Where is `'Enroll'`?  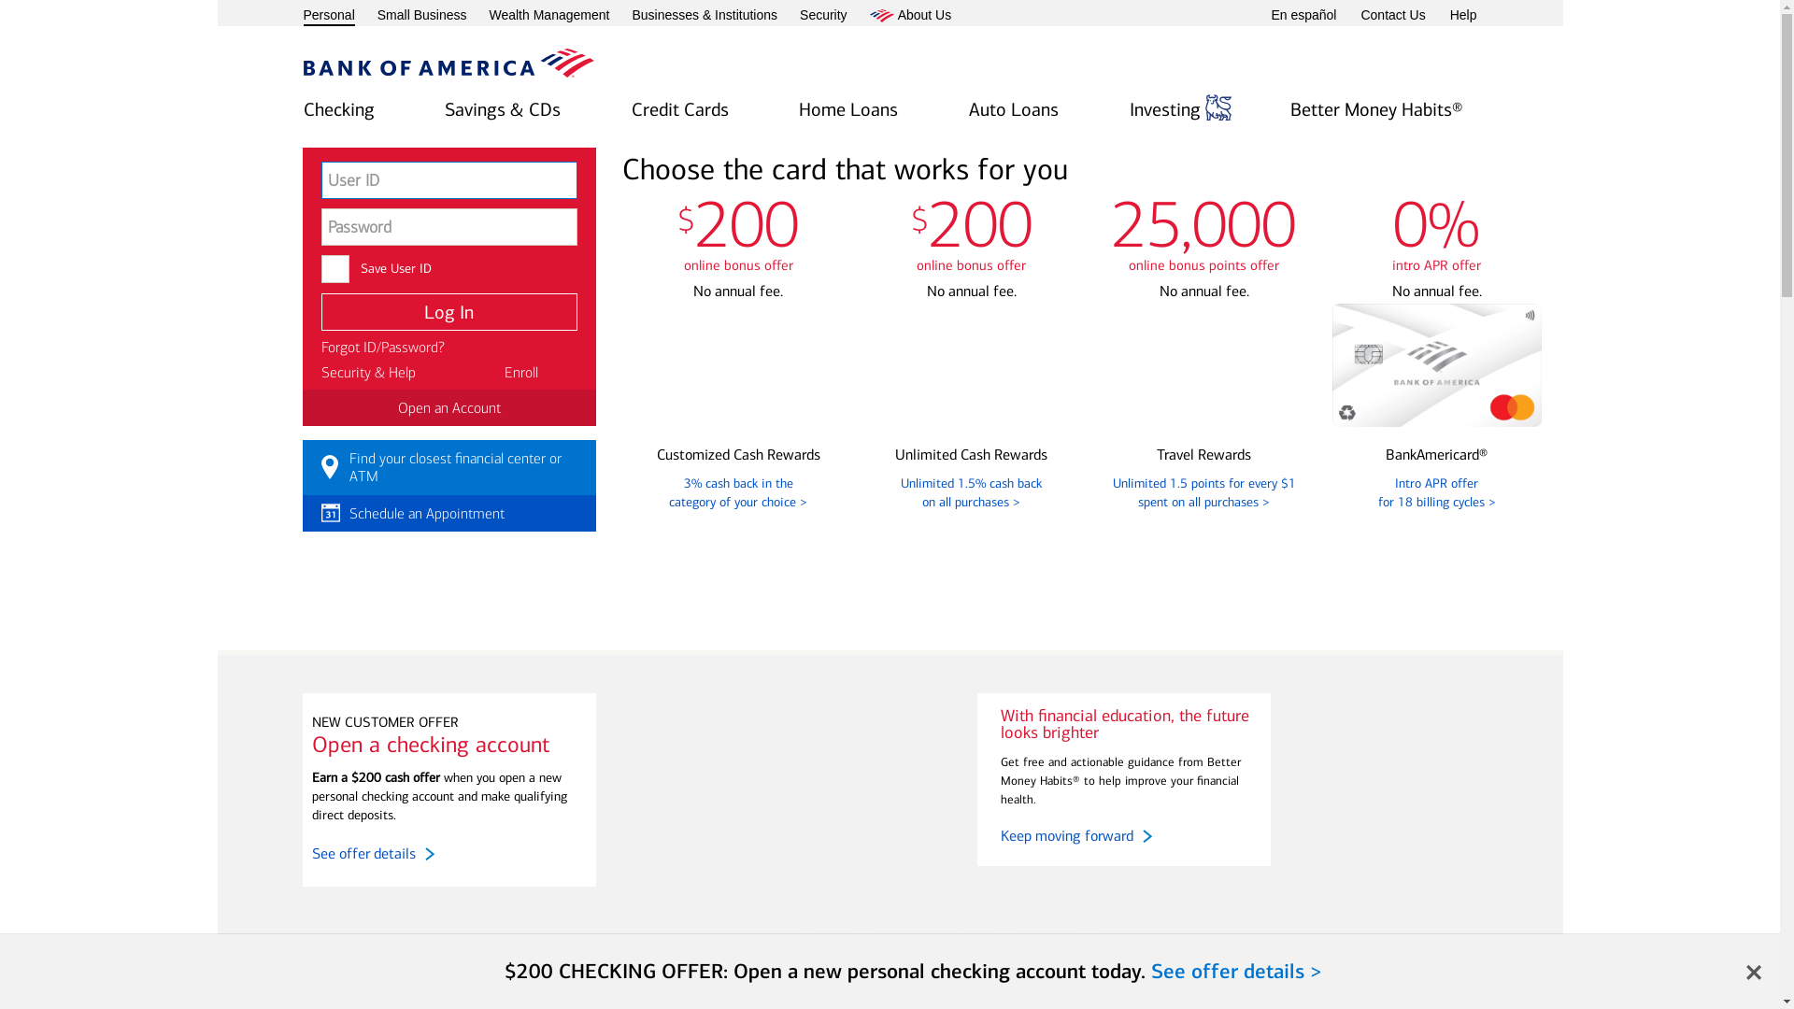 'Enroll' is located at coordinates (520, 372).